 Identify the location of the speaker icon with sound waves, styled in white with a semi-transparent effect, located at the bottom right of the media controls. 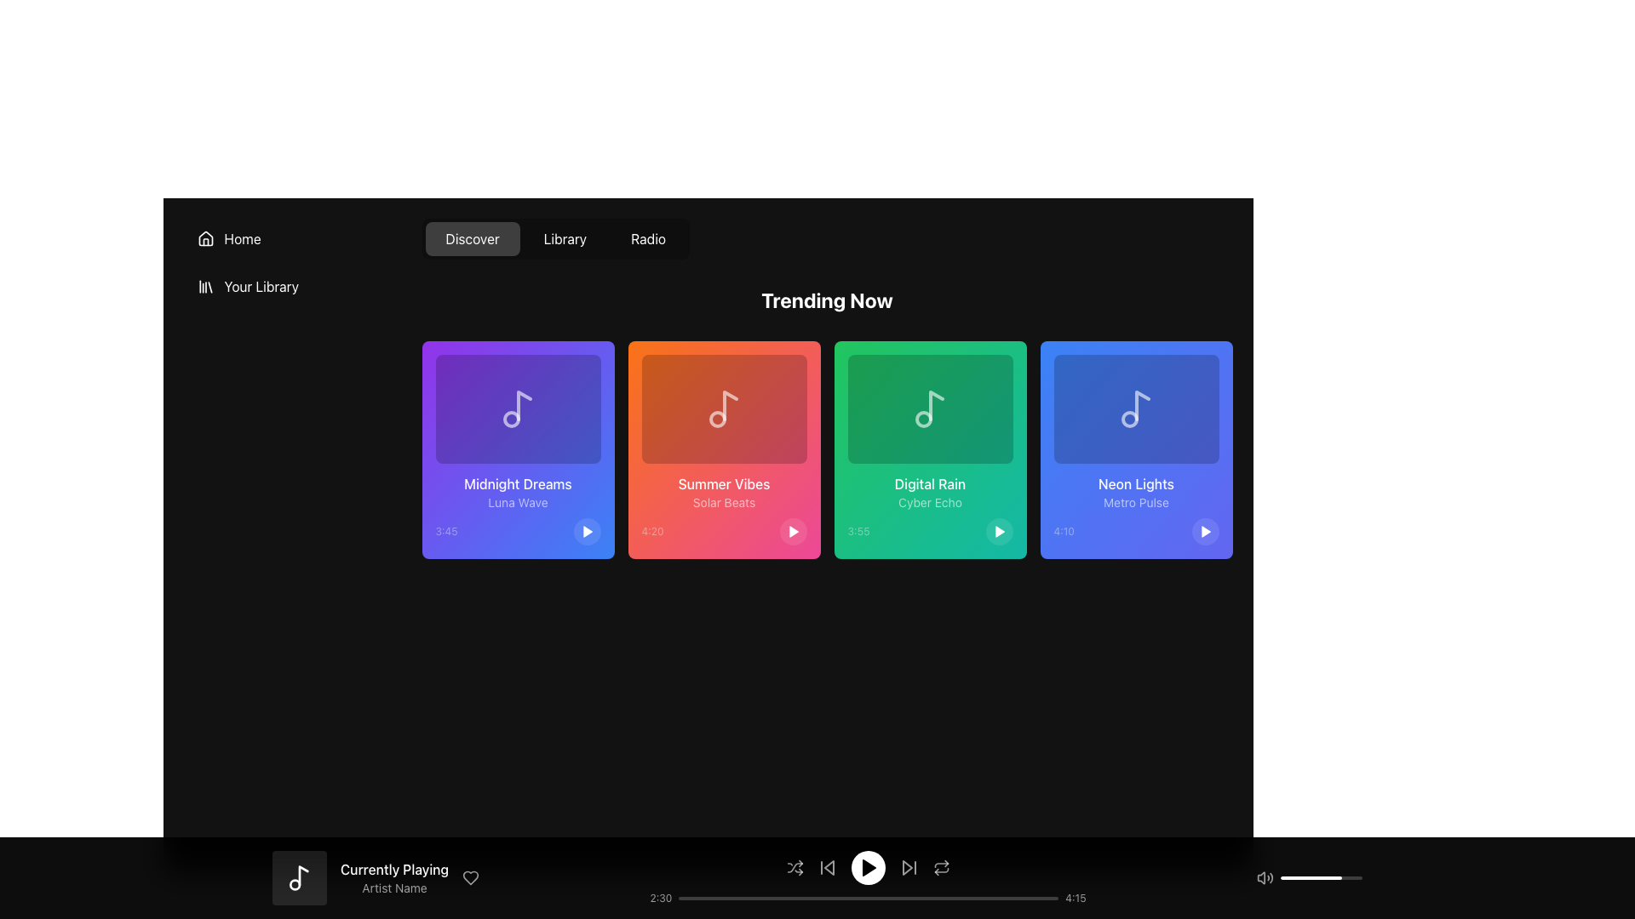
(1265, 878).